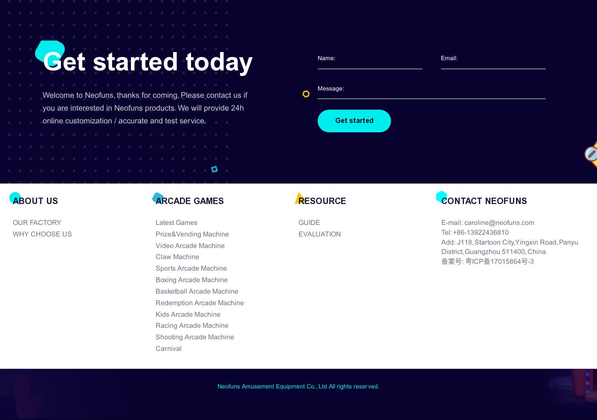 This screenshot has width=597, height=420. Describe the element at coordinates (465, 261) in the screenshot. I see `'粤ICP备17015864号-3'` at that location.